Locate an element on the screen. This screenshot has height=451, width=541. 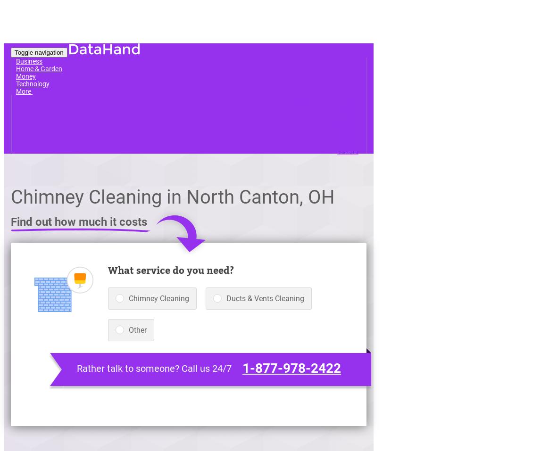
'Rather talk to someone? Call us 24/7' is located at coordinates (154, 368).